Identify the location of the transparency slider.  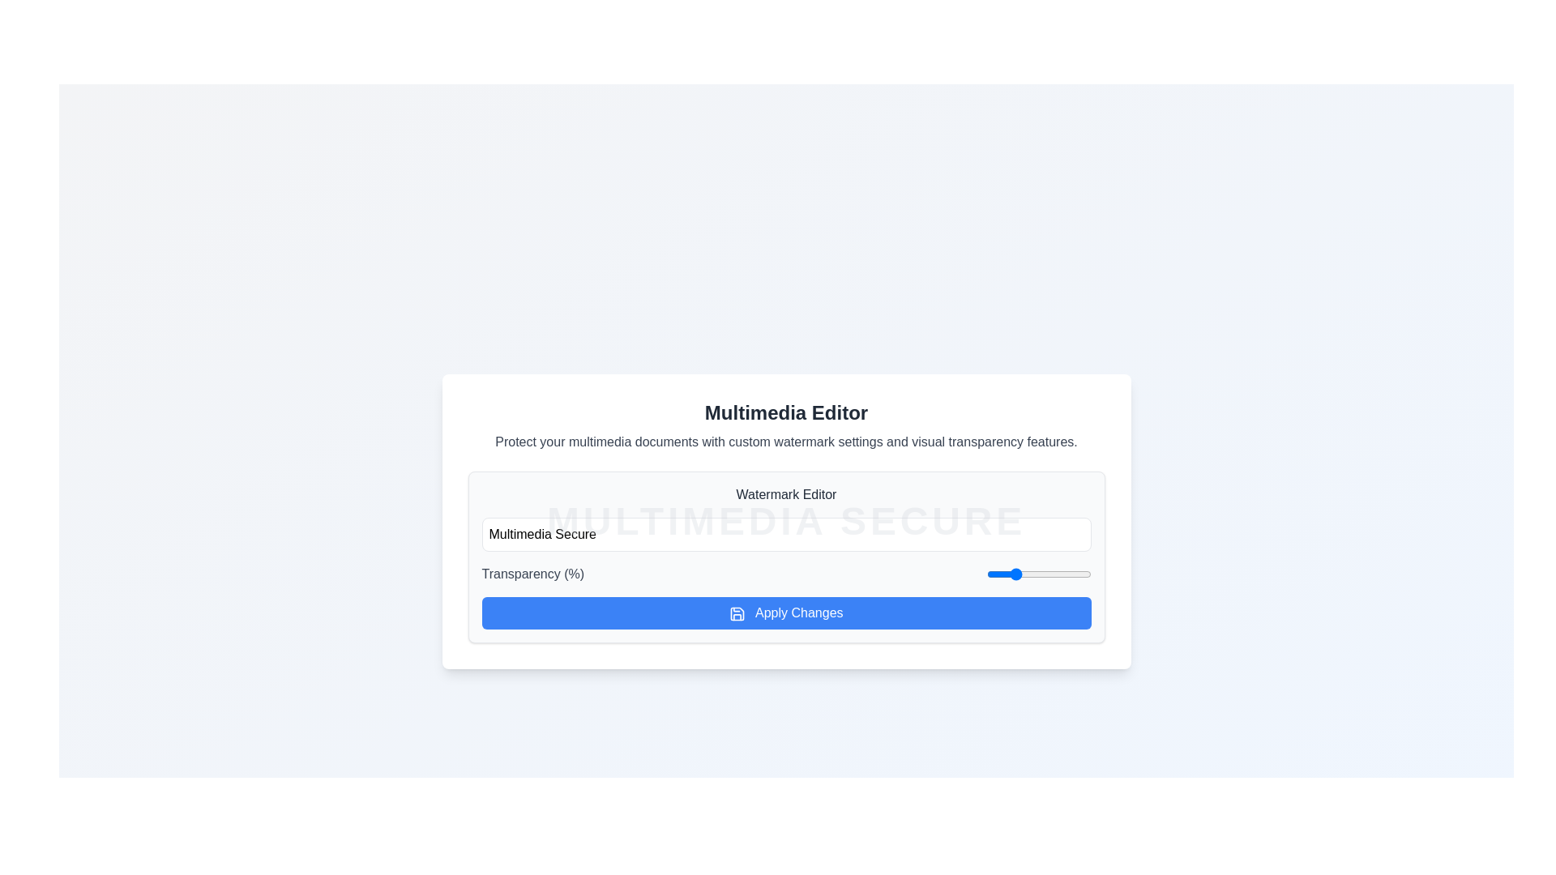
(1045, 574).